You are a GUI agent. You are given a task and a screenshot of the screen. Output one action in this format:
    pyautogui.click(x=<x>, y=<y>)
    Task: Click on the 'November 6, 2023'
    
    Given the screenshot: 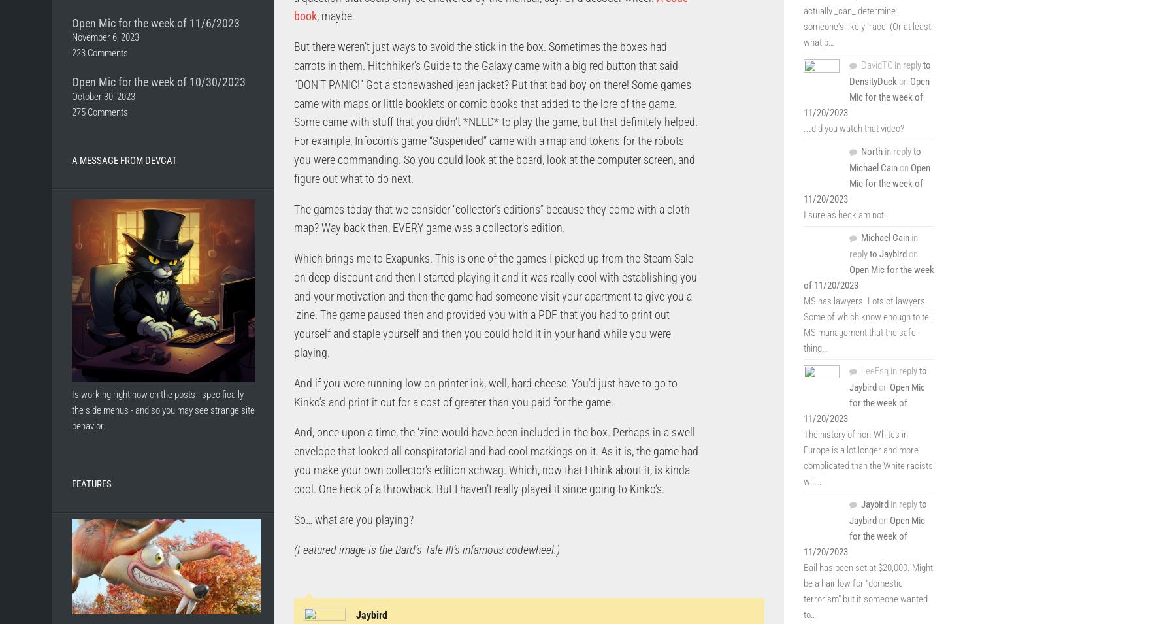 What is the action you would take?
    pyautogui.click(x=105, y=37)
    